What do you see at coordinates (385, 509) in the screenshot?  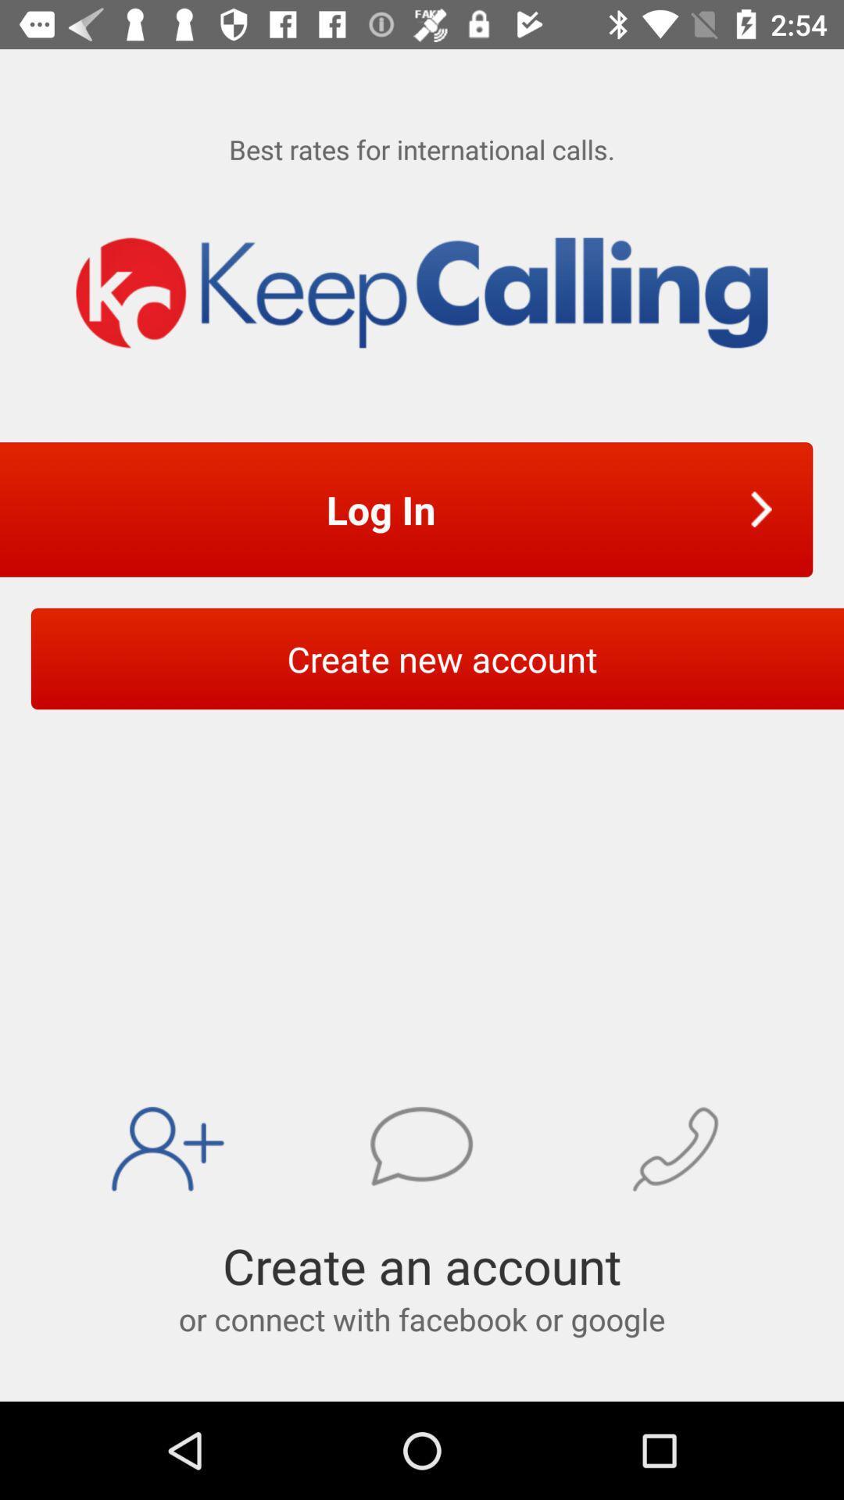 I see `the log in item` at bounding box center [385, 509].